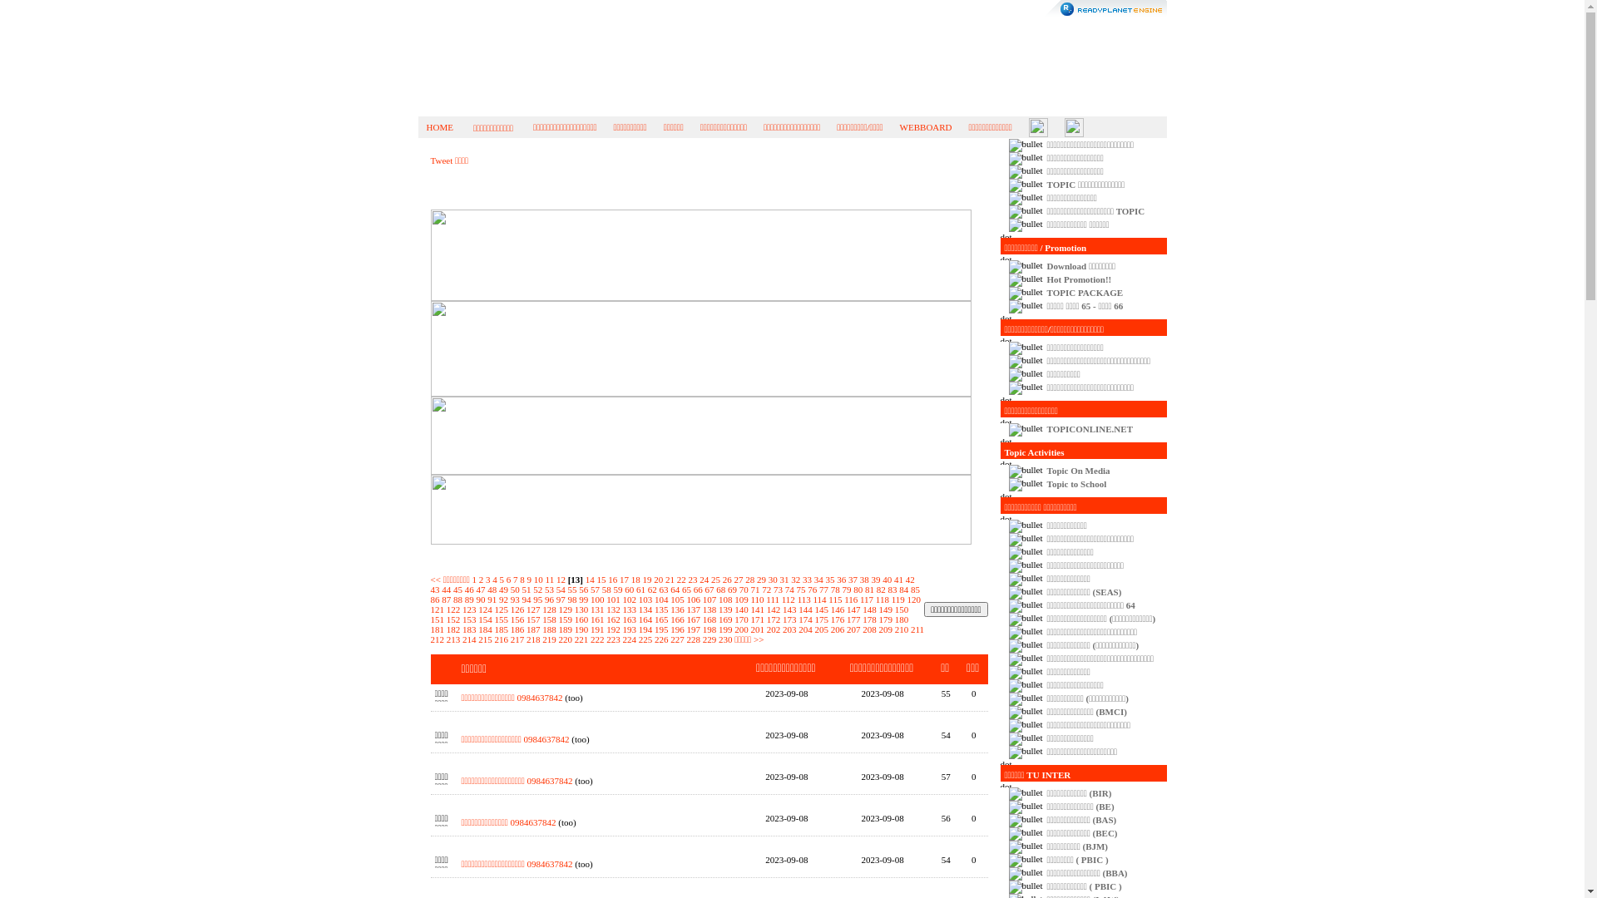  Describe the element at coordinates (641, 579) in the screenshot. I see `'19'` at that location.